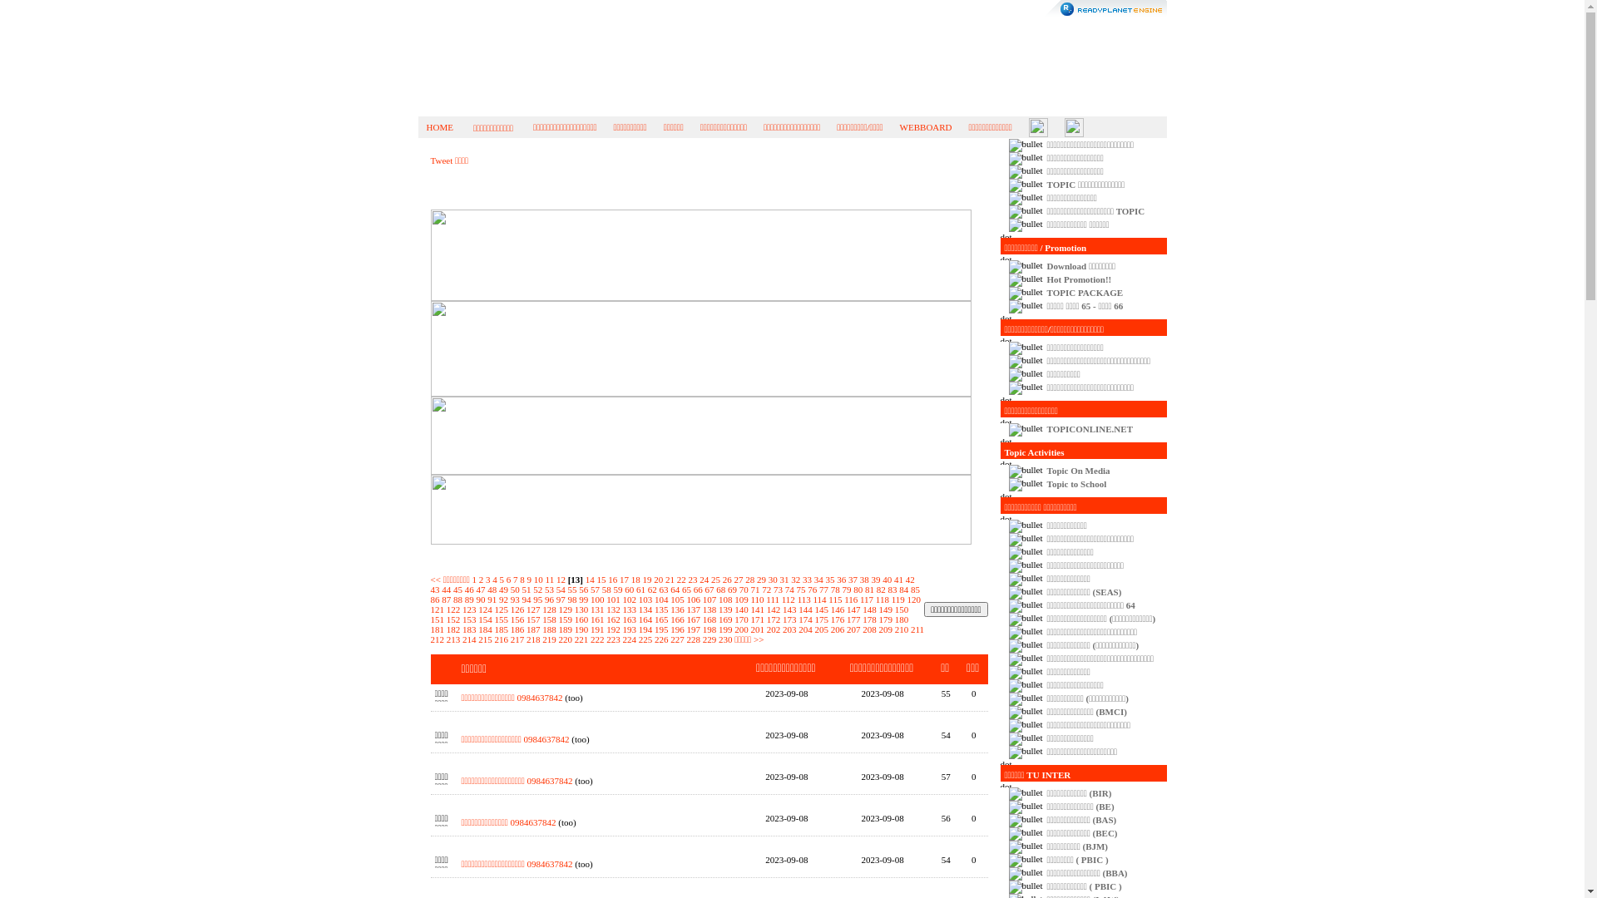  Describe the element at coordinates (641, 579) in the screenshot. I see `'19'` at that location.